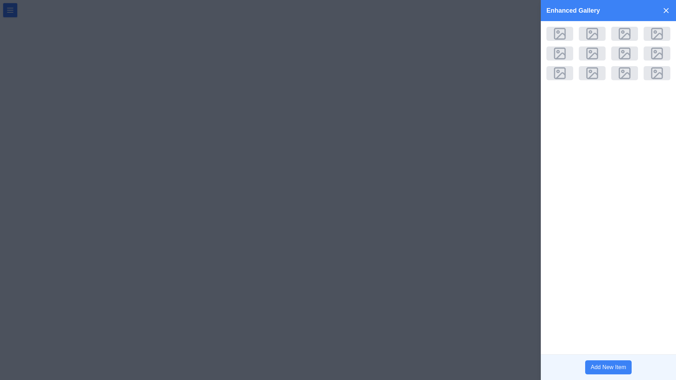  Describe the element at coordinates (625, 73) in the screenshot. I see `the sixth icon in the Enhanced Gallery` at that location.